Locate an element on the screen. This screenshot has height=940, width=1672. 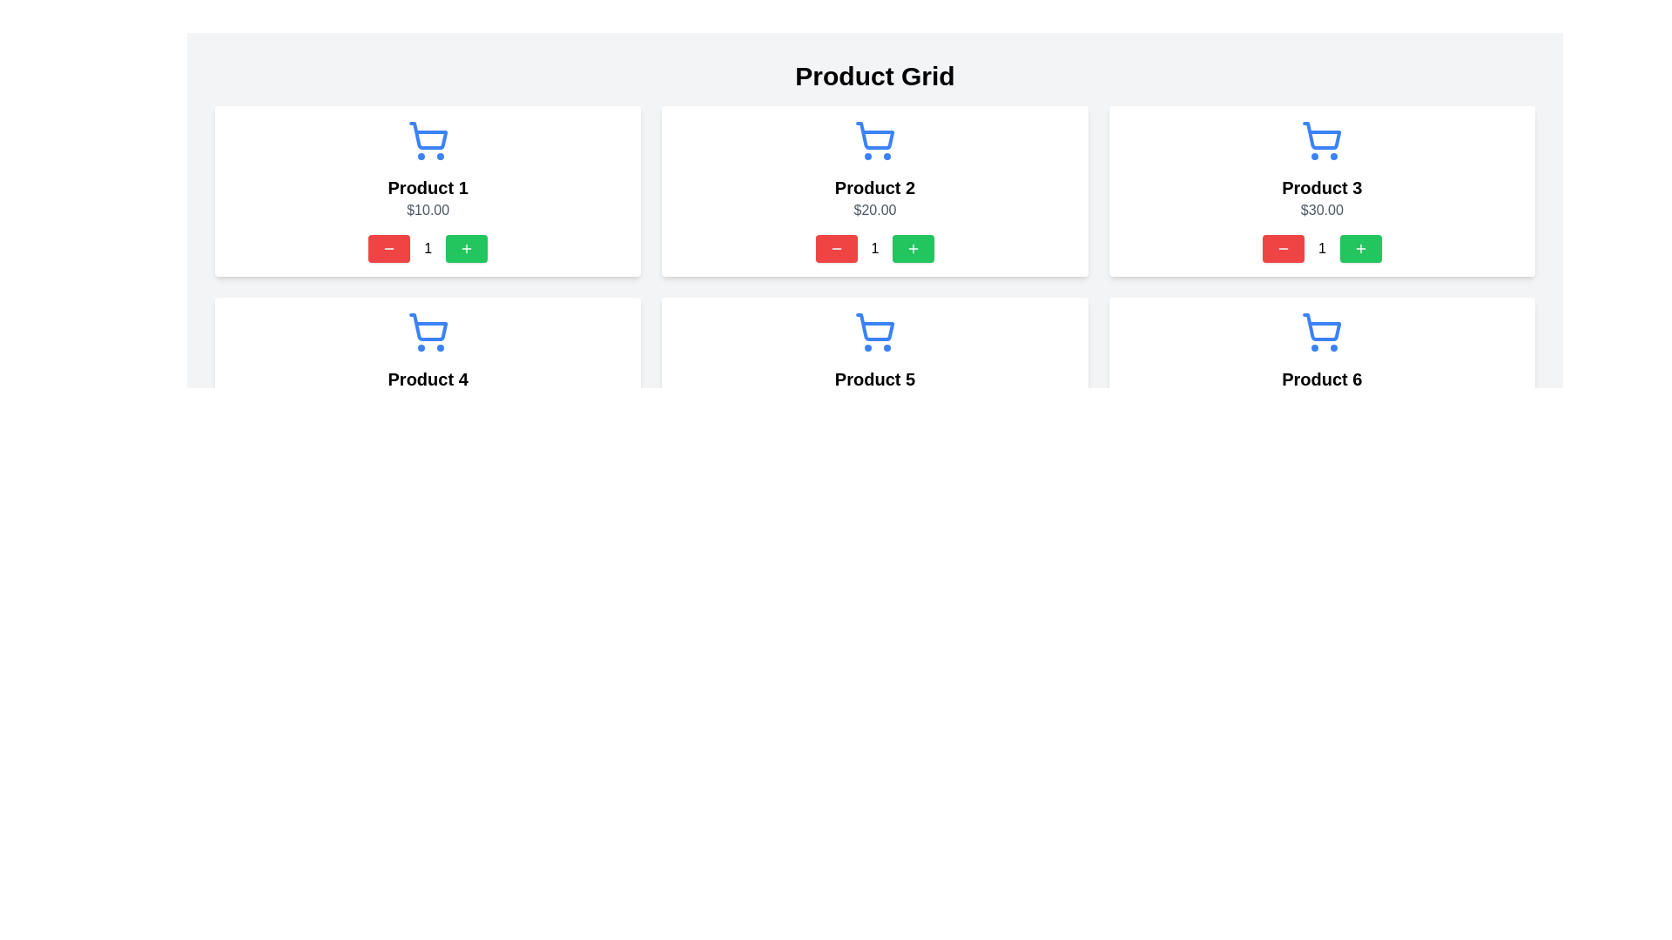
the small green square button with a '+' icon located in the 'Product Grid' section under 'Product 2' to increase the quantity is located at coordinates (913, 248).